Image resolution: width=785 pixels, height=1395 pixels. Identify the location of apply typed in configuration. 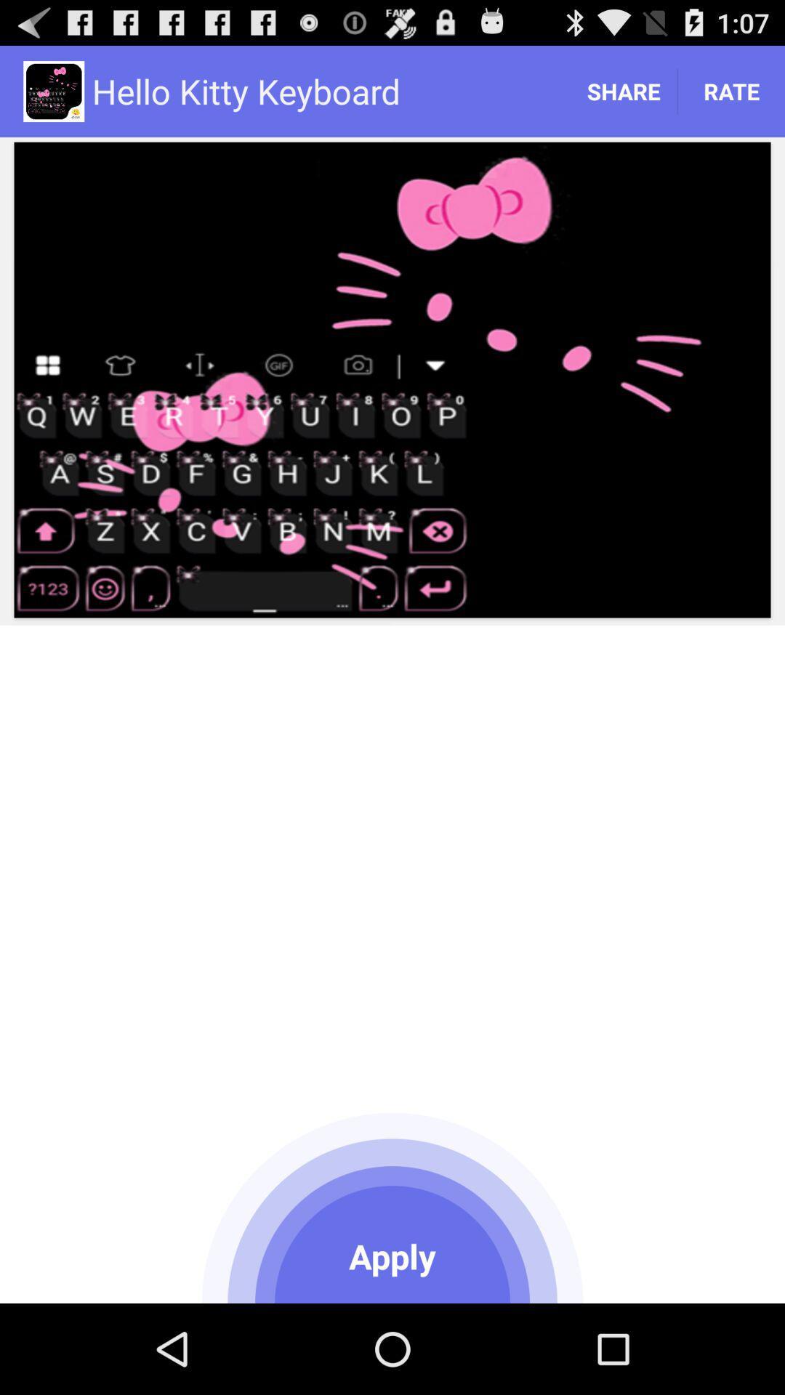
(392, 1205).